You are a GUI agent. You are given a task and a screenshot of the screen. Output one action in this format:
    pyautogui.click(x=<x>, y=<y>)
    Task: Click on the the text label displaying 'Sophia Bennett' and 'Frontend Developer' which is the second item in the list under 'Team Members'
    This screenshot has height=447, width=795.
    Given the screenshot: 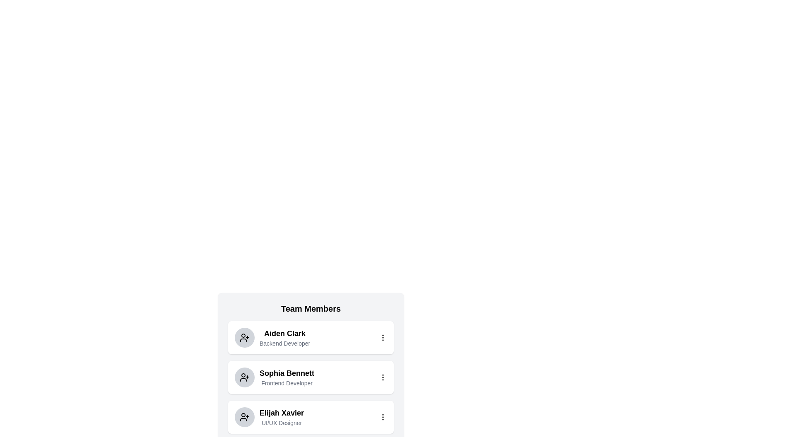 What is the action you would take?
    pyautogui.click(x=287, y=377)
    